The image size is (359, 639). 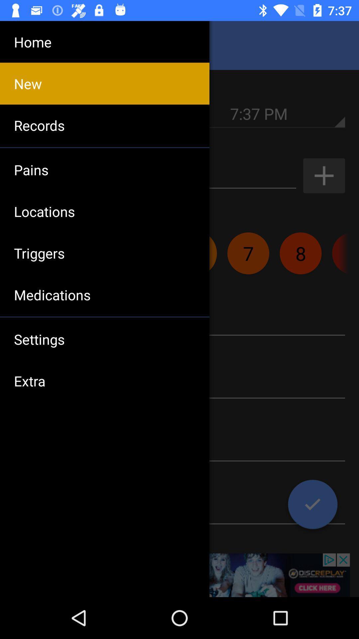 I want to click on the add icon, so click(x=324, y=176).